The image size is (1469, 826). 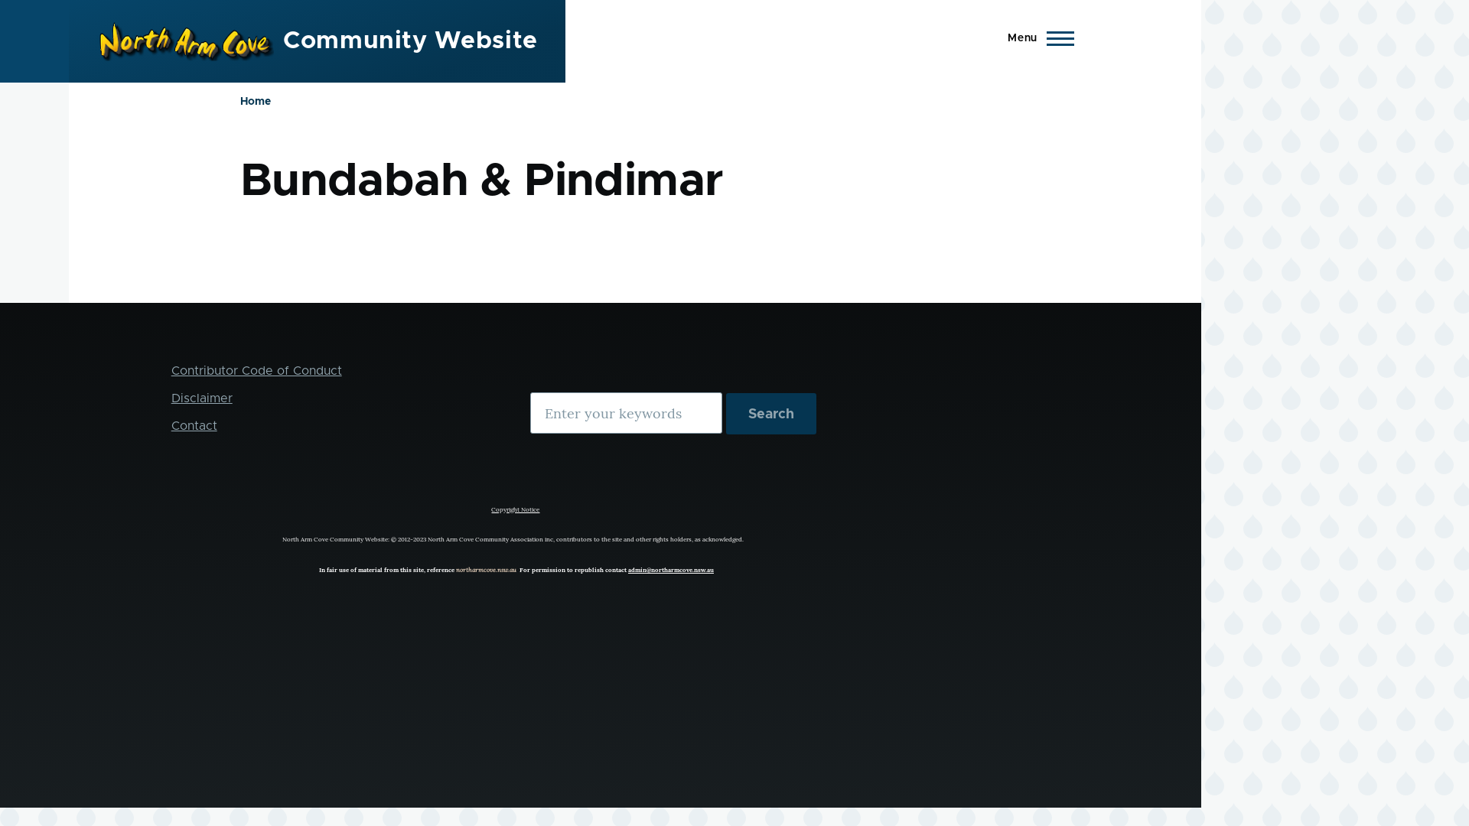 What do you see at coordinates (771, 413) in the screenshot?
I see `'Search'` at bounding box center [771, 413].